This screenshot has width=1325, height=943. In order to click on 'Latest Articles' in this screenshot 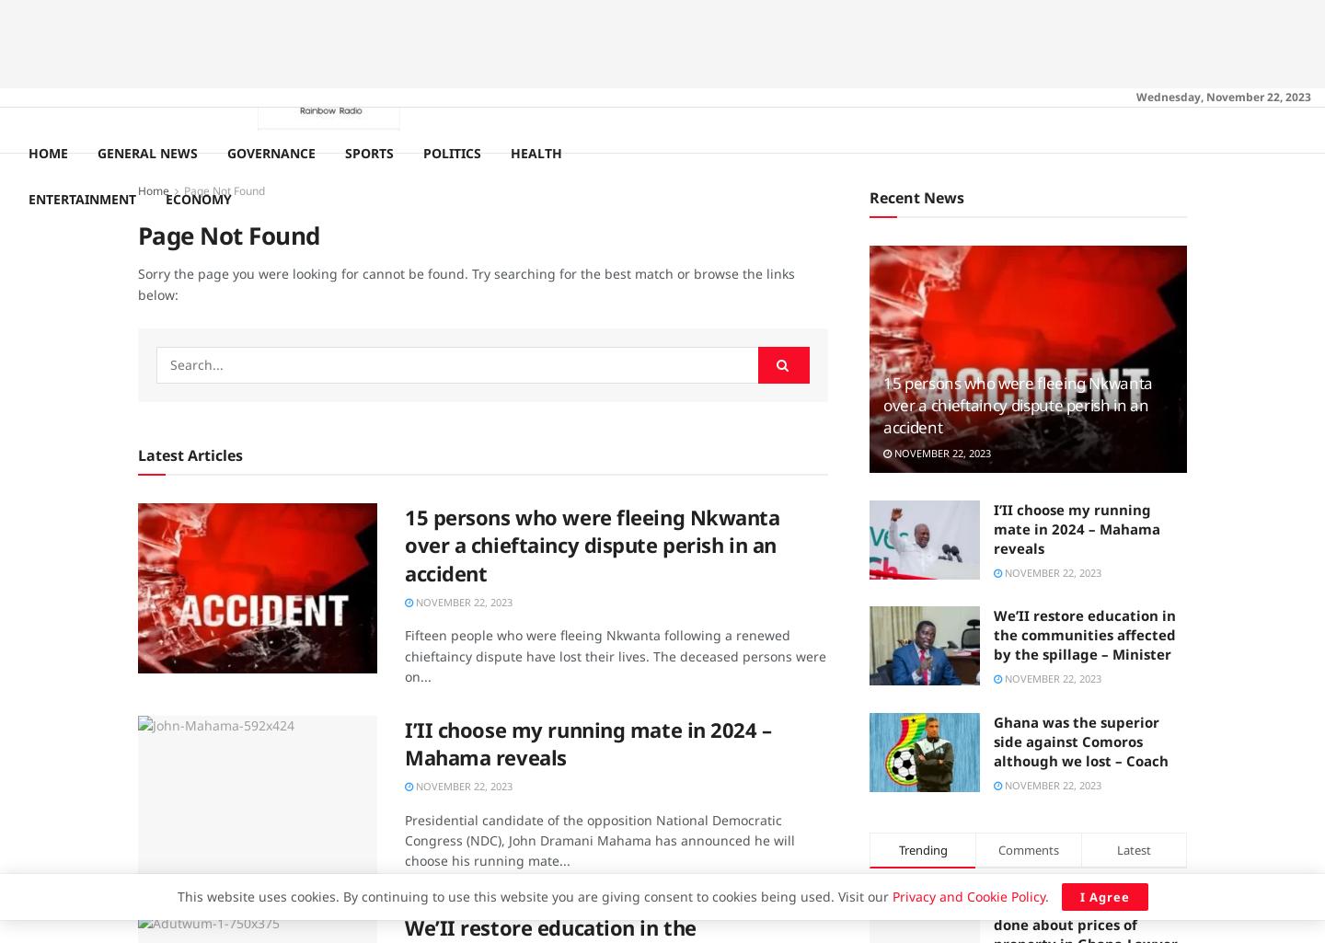, I will do `click(190, 454)`.